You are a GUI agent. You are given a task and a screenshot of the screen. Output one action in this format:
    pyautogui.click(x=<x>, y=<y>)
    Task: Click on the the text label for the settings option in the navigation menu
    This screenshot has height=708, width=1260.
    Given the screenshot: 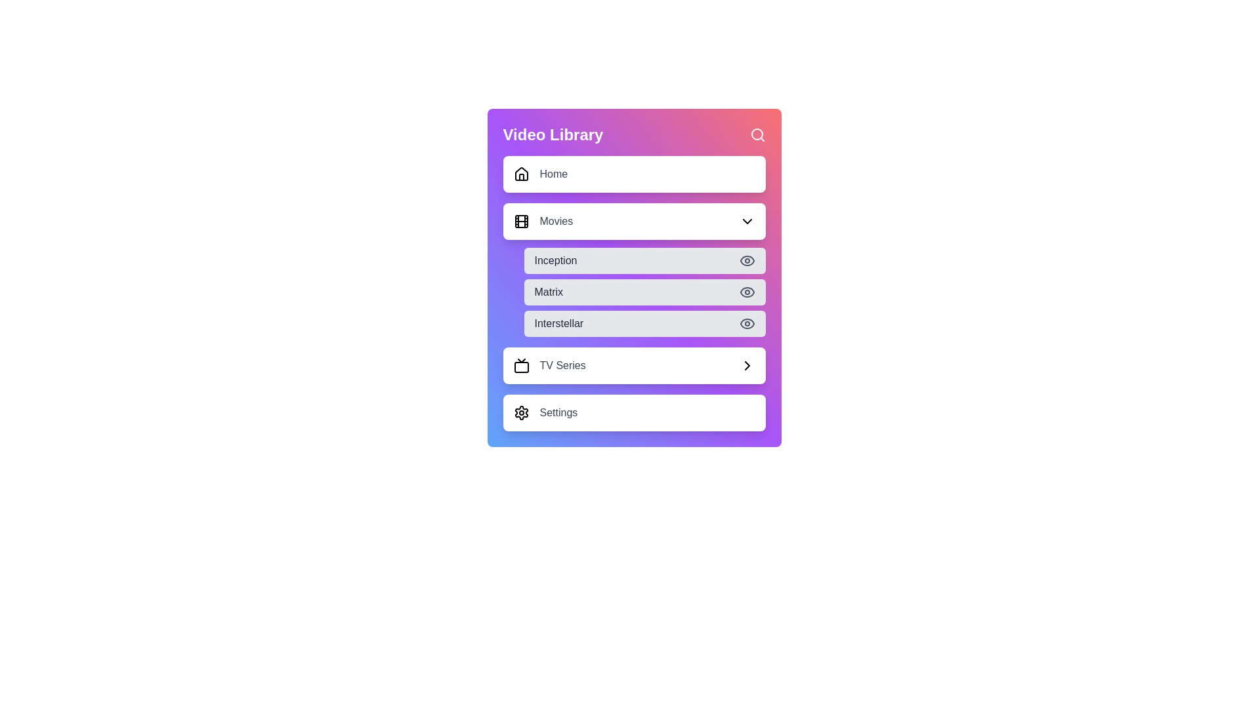 What is the action you would take?
    pyautogui.click(x=558, y=412)
    